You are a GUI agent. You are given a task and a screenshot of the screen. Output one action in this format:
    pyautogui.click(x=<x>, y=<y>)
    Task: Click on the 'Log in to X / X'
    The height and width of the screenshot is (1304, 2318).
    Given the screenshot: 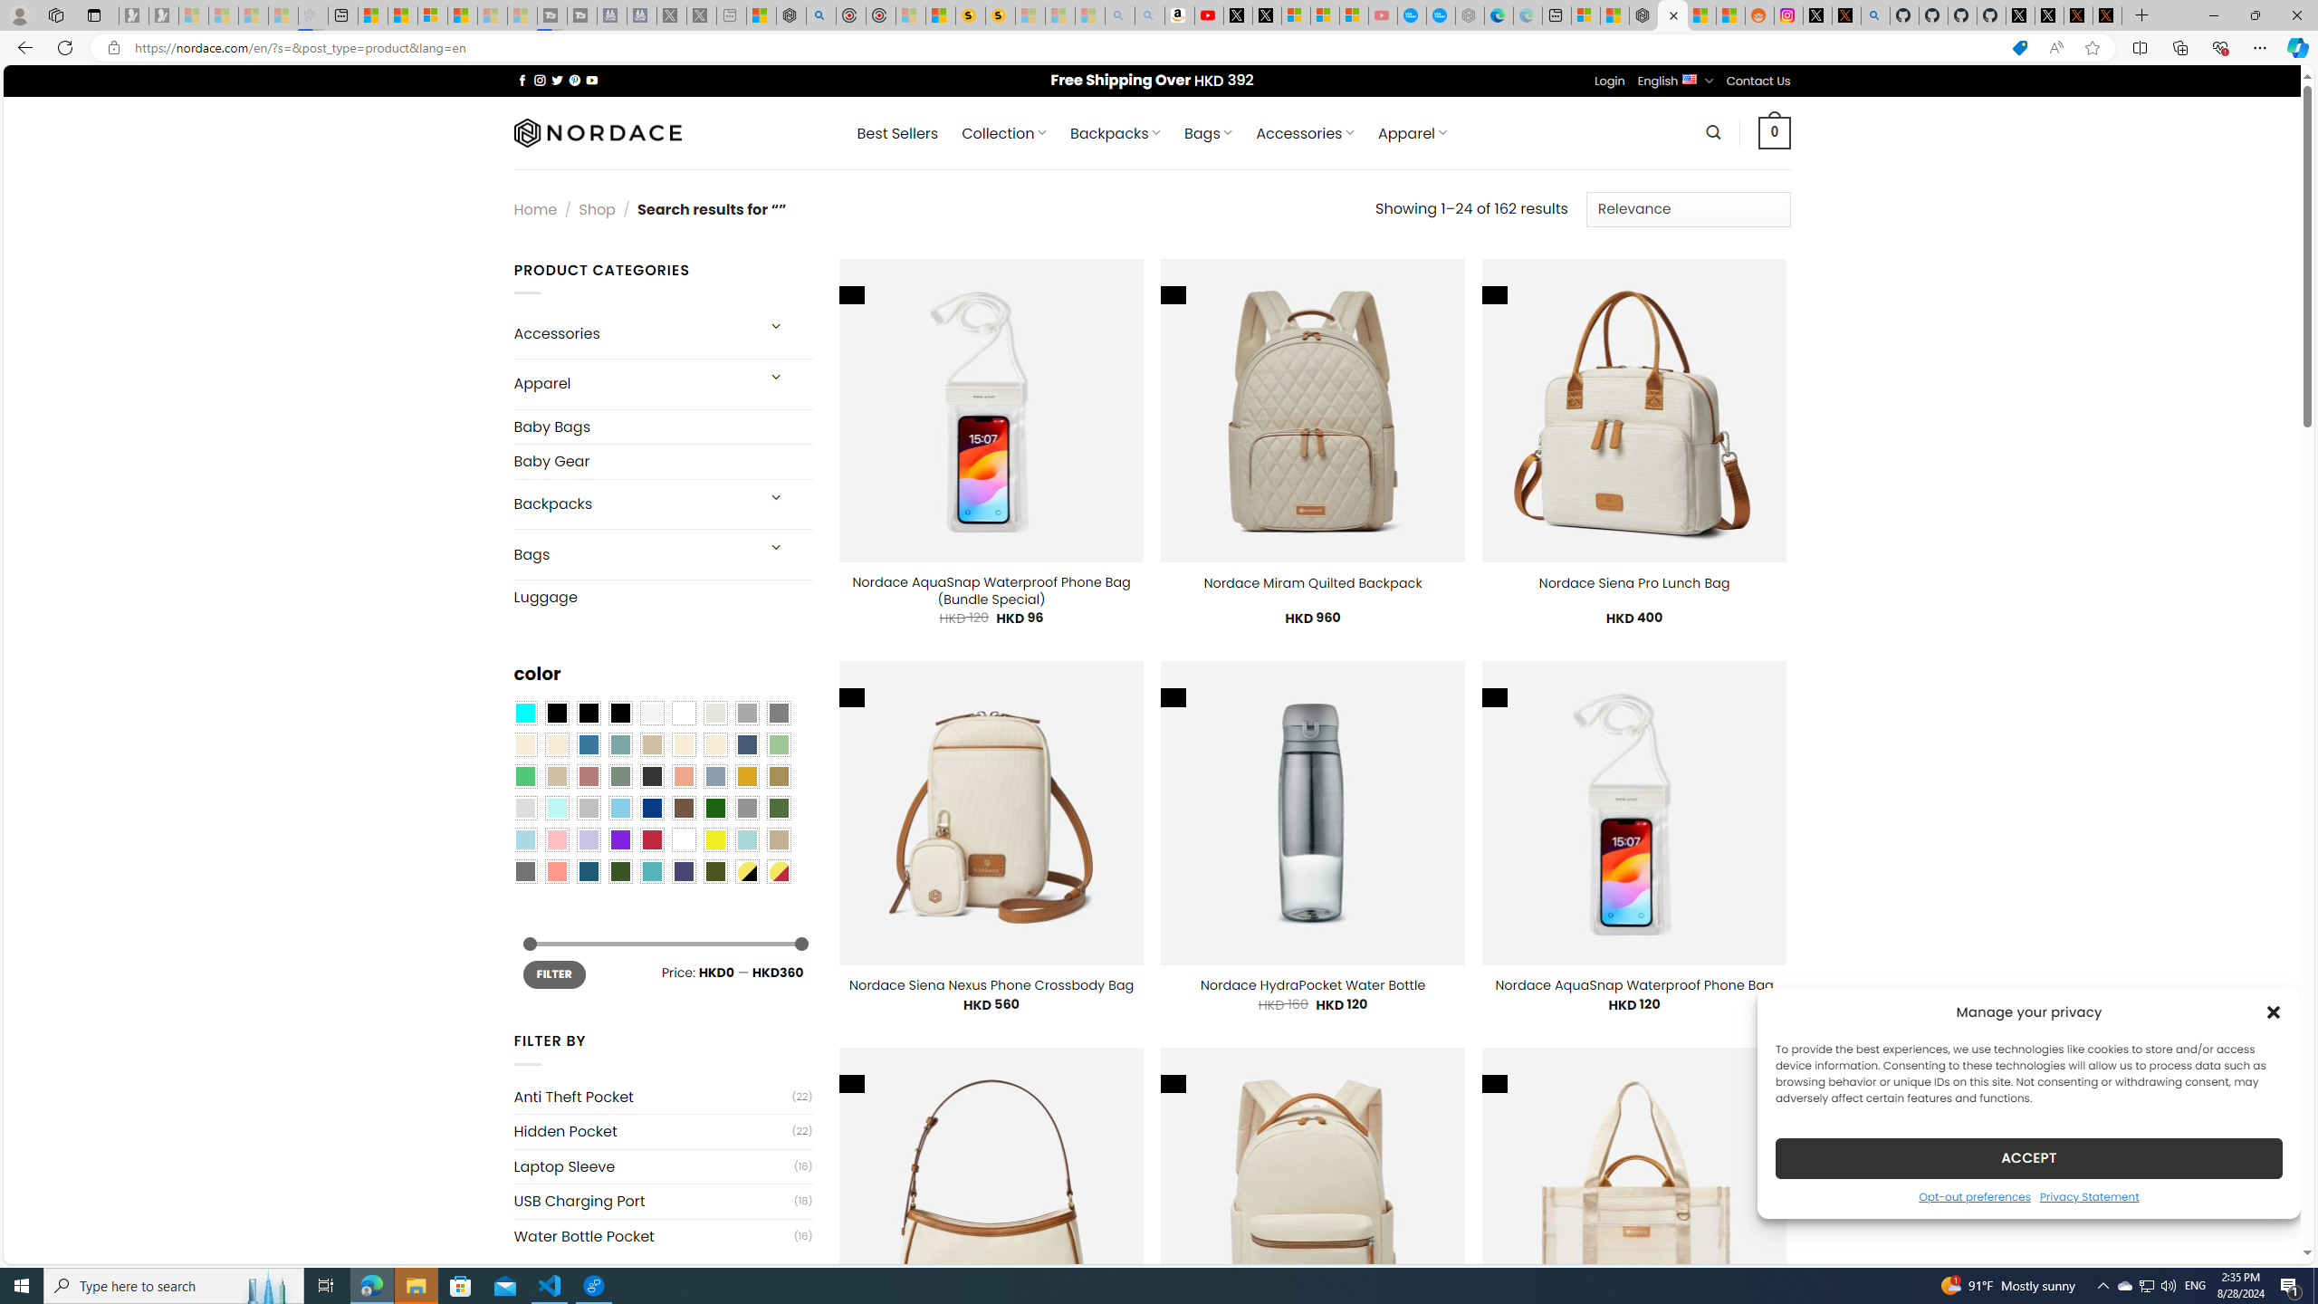 What is the action you would take?
    pyautogui.click(x=1817, y=14)
    